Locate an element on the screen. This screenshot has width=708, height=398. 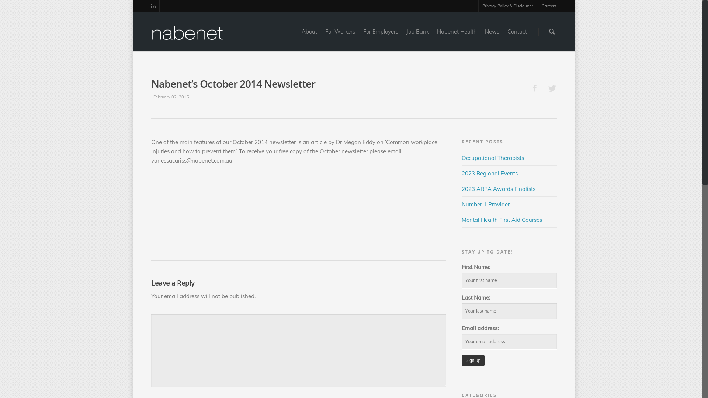
'Contact' is located at coordinates (517, 37).